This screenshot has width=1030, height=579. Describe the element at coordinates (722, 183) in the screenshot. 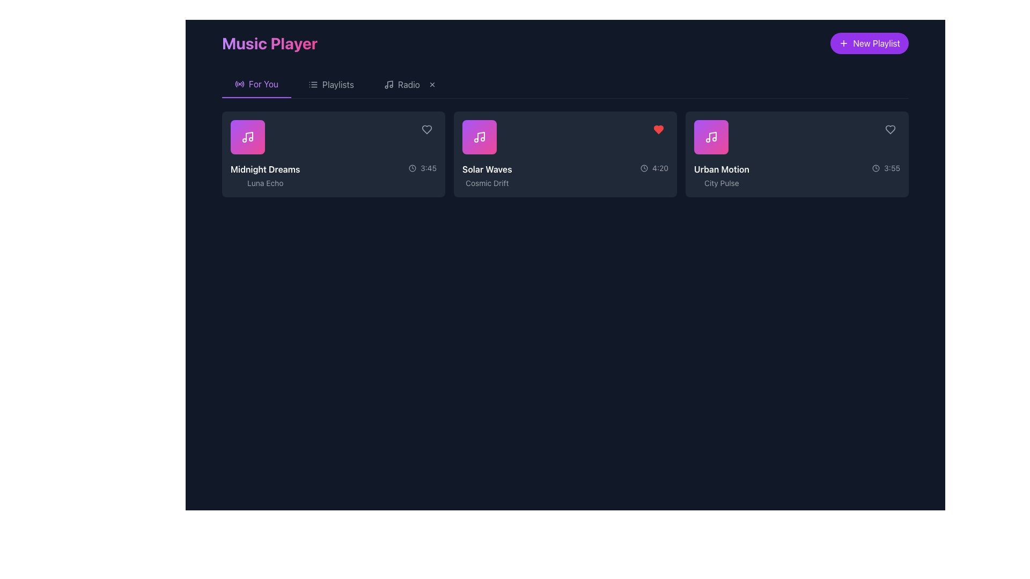

I see `the text label providing additional descriptive information about the item titled 'Urban Motion', located below the title in the third card of the content cards` at that location.